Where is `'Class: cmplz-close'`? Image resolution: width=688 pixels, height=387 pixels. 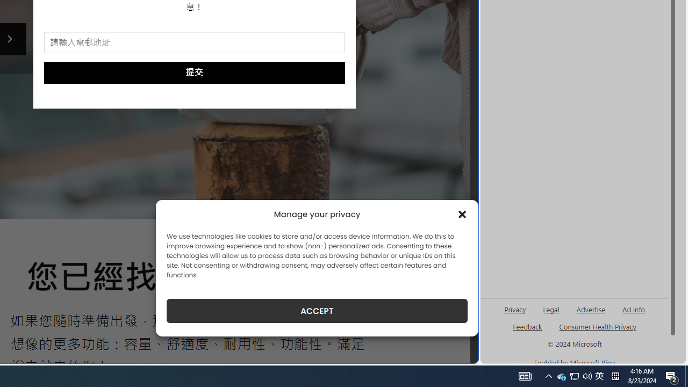 'Class: cmplz-close' is located at coordinates (462, 214).